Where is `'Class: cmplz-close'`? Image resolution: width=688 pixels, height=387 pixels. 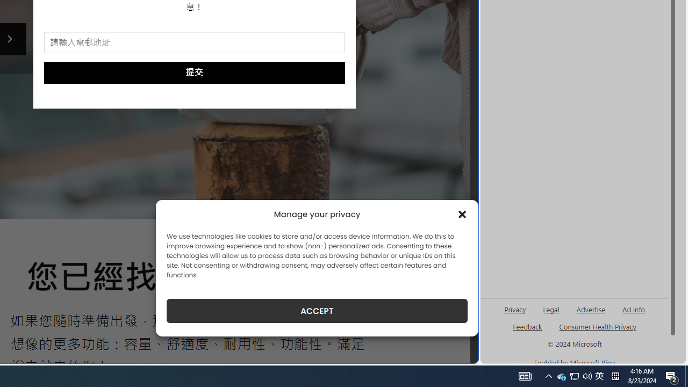 'Class: cmplz-close' is located at coordinates (462, 214).